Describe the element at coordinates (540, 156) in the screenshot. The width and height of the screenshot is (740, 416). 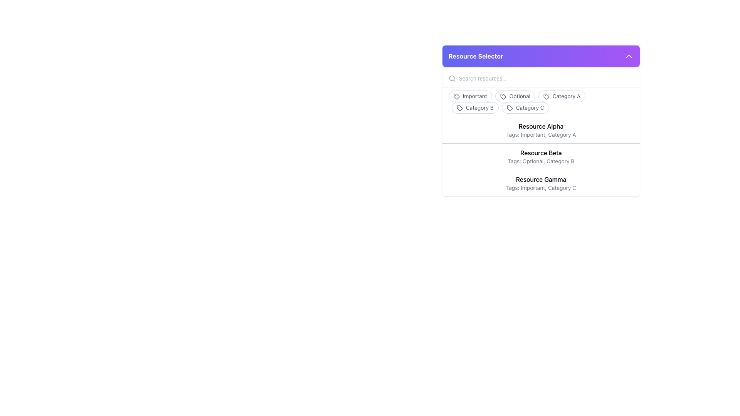
I see `the second List Item titled 'Resource Beta' in the dropdown 'Resource Selector'` at that location.